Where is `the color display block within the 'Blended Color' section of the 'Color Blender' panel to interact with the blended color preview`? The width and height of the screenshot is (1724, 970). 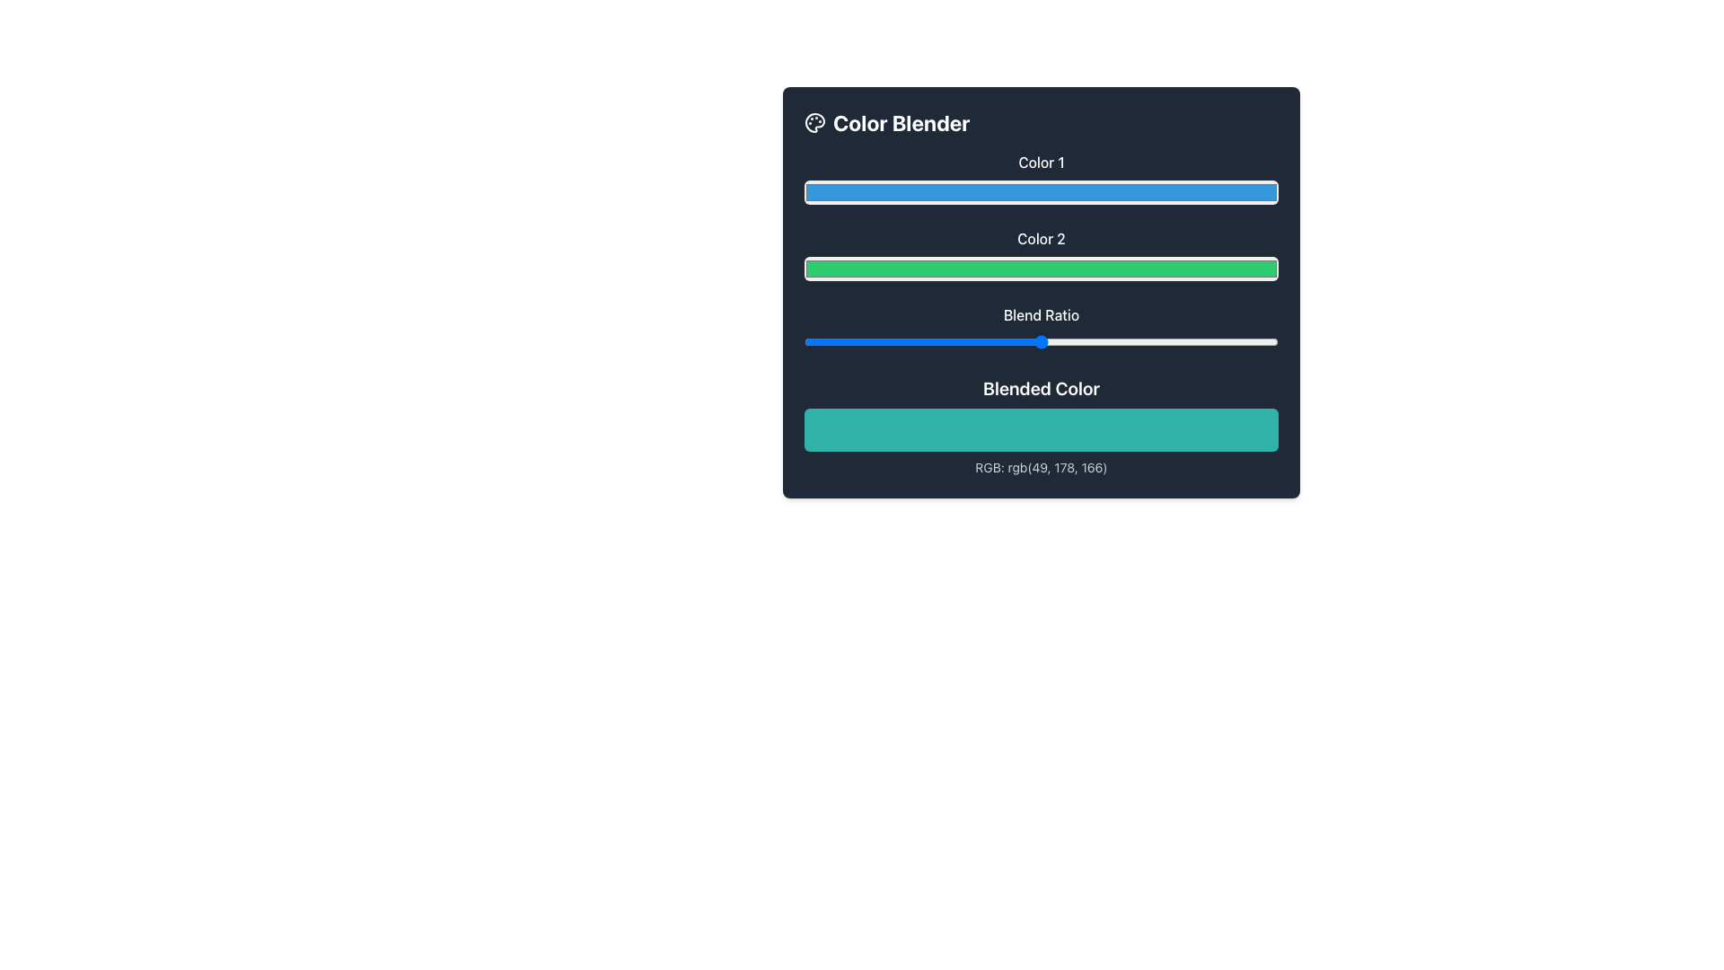
the color display block within the 'Blended Color' section of the 'Color Blender' panel to interact with the blended color preview is located at coordinates (1042, 426).